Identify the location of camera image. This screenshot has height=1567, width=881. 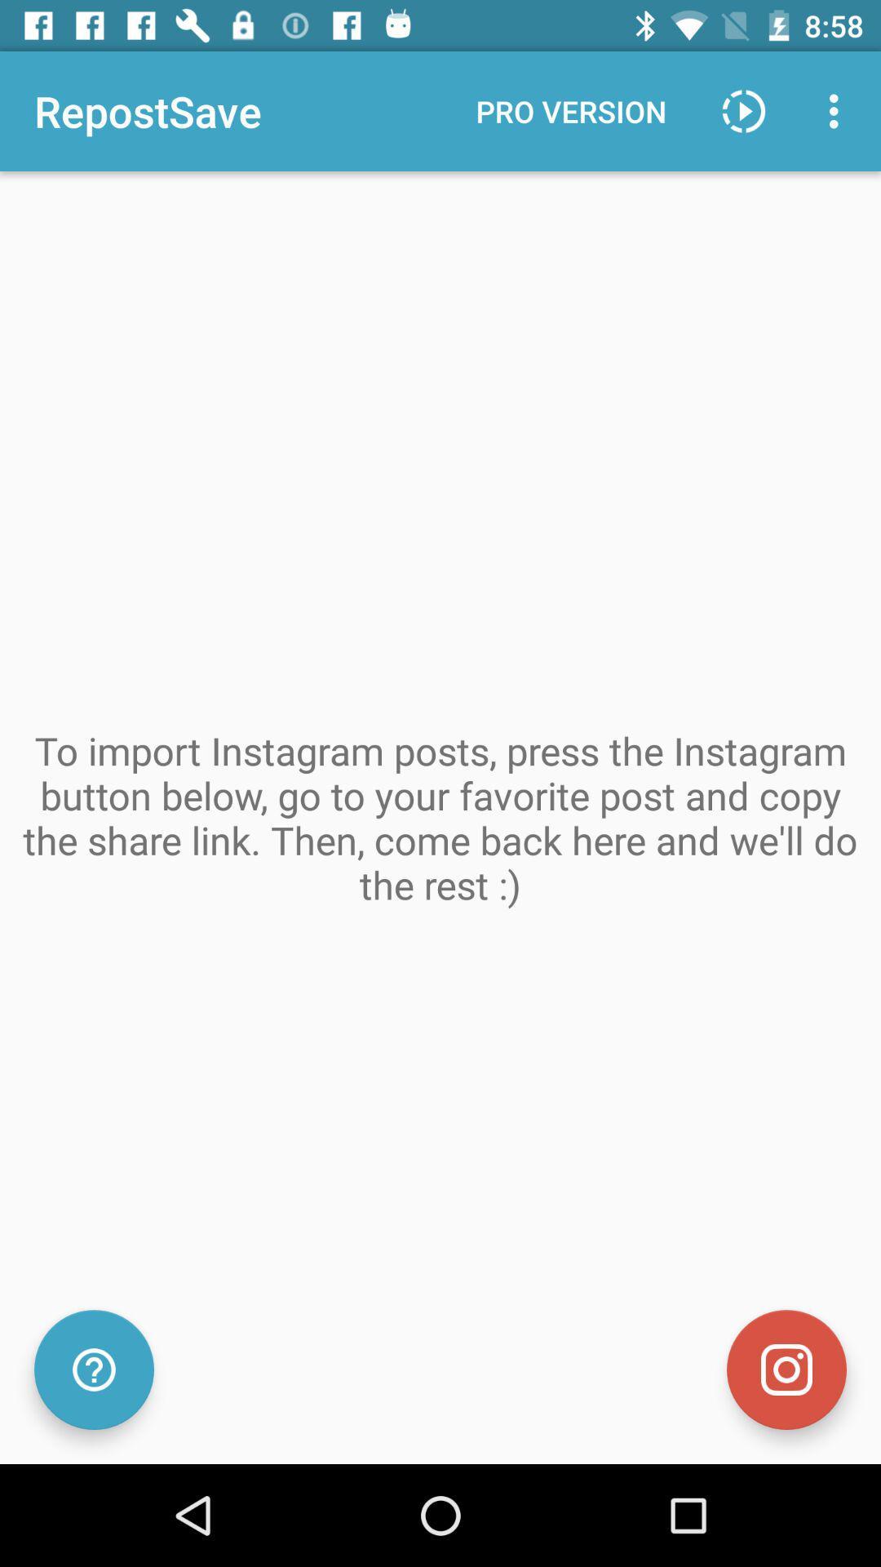
(786, 1369).